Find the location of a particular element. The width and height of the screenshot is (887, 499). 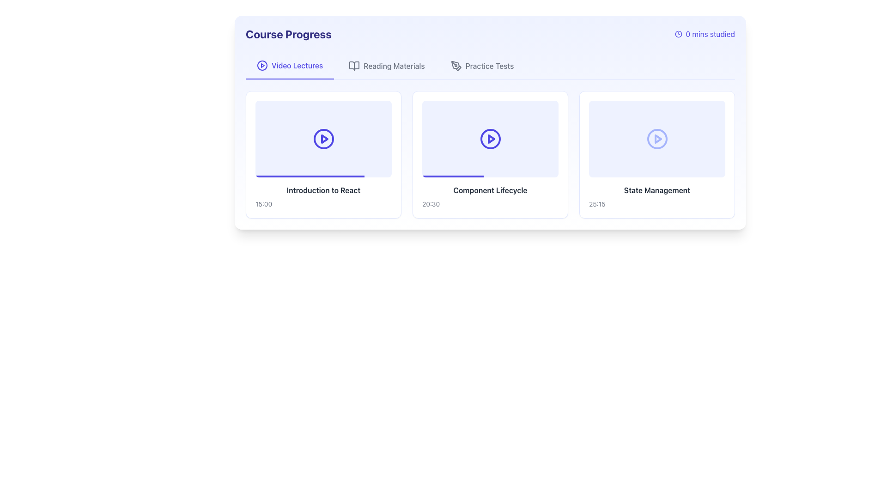

the 'Practice Tests' text label in the horizontal menu located below 'Course Progress' is located at coordinates (489, 65).